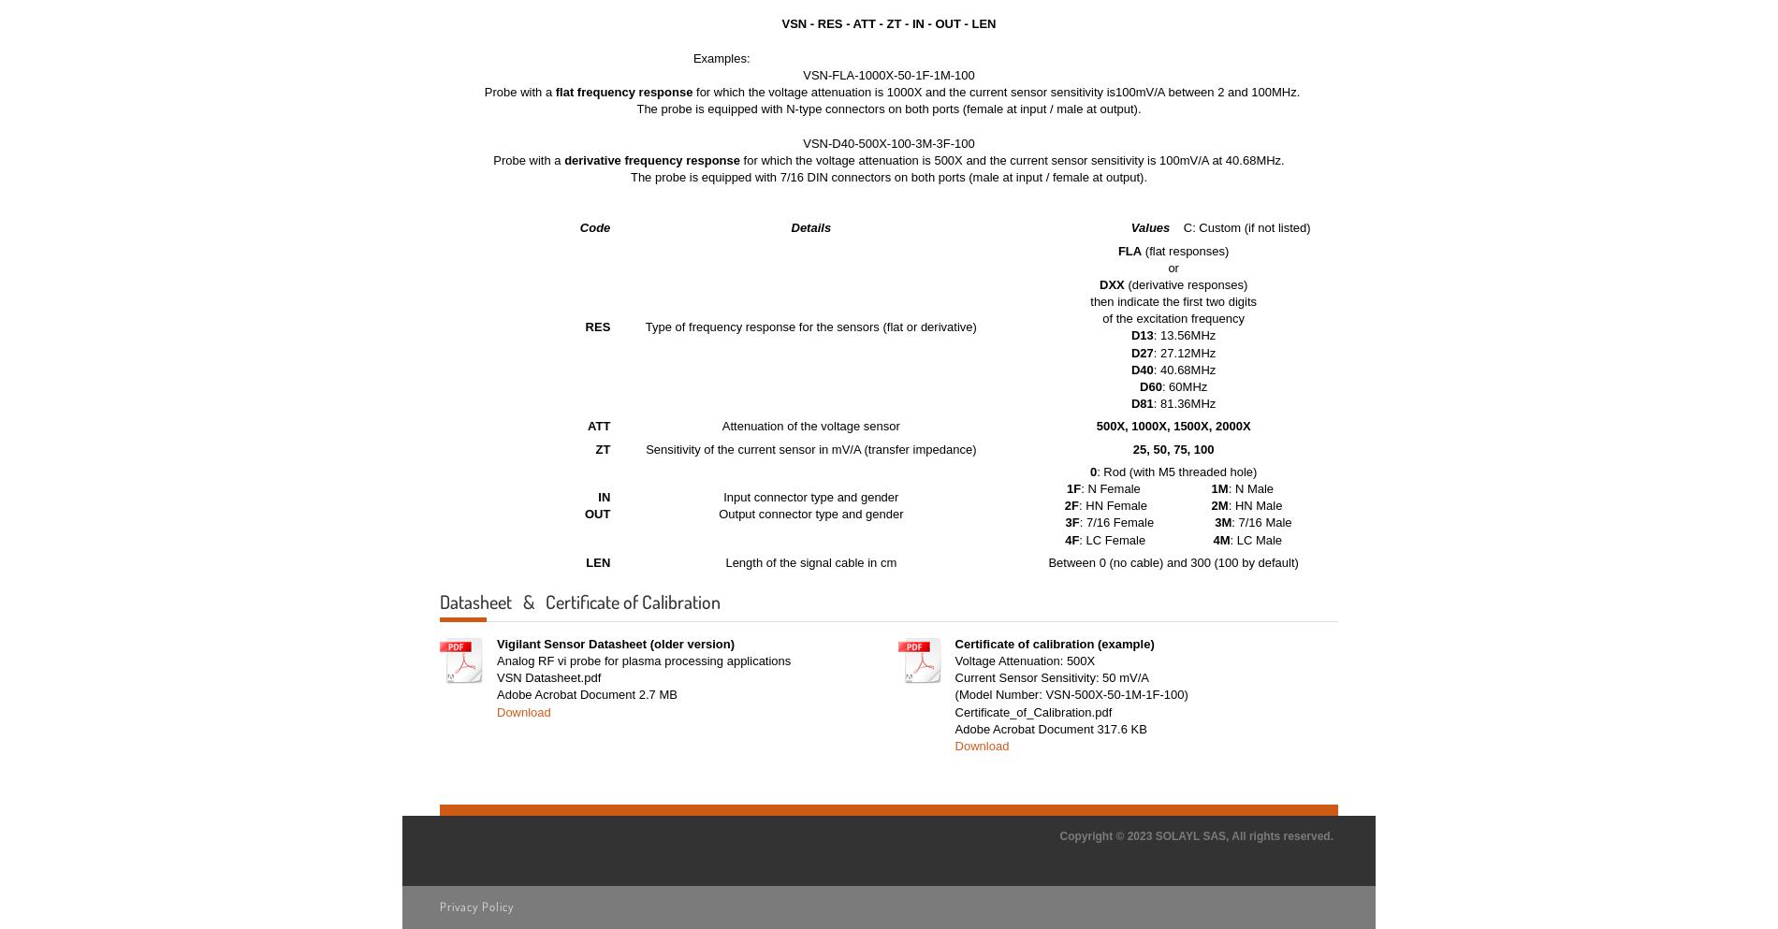  I want to click on 'Input connector type and gender', so click(809, 497).